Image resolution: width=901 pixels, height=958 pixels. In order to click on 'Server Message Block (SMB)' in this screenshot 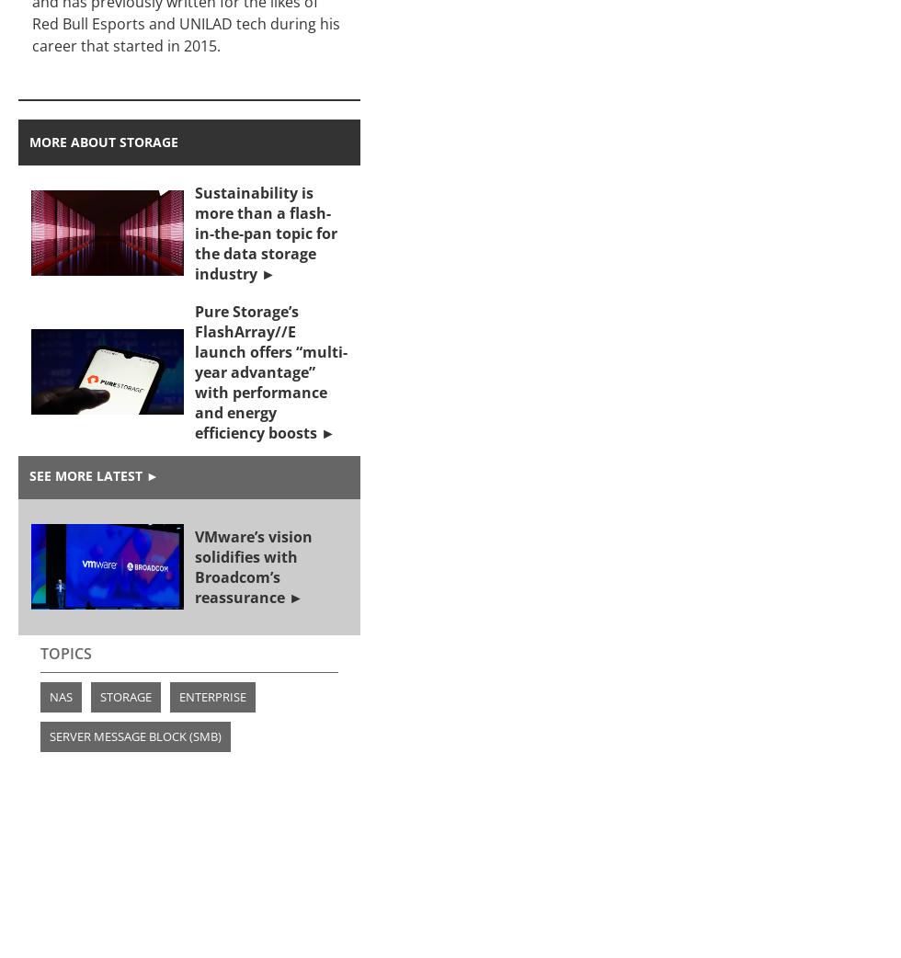, I will do `click(49, 736)`.